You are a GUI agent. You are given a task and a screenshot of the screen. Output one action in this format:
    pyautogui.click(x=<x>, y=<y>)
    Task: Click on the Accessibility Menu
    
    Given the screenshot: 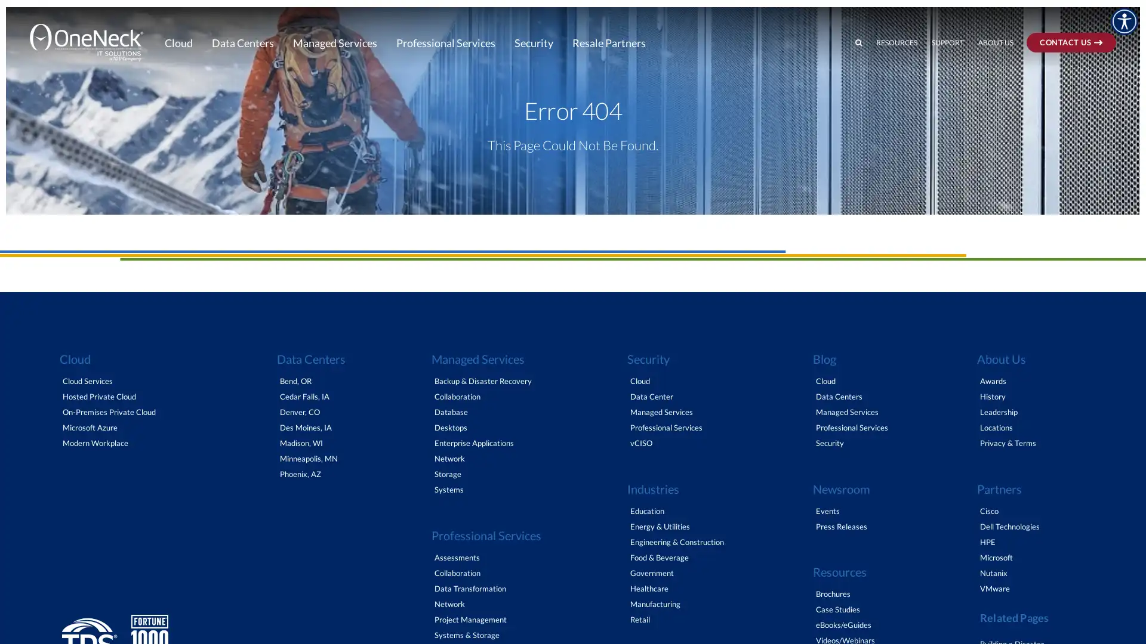 What is the action you would take?
    pyautogui.click(x=1123, y=21)
    